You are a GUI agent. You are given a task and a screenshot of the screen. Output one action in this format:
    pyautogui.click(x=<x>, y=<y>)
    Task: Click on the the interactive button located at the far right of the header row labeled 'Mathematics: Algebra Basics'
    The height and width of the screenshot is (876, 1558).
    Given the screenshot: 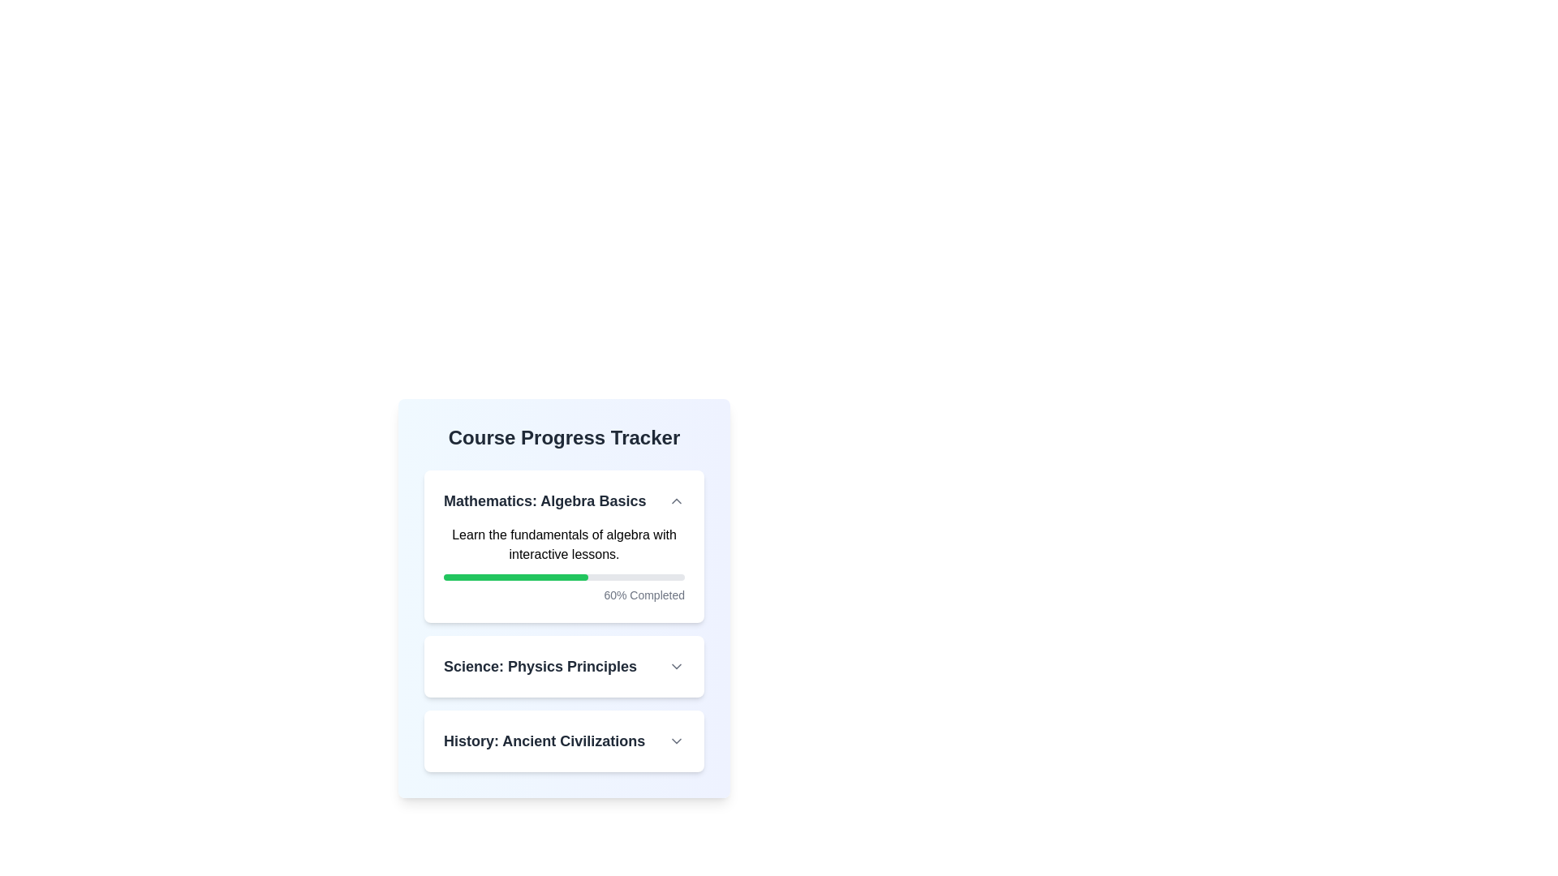 What is the action you would take?
    pyautogui.click(x=677, y=500)
    